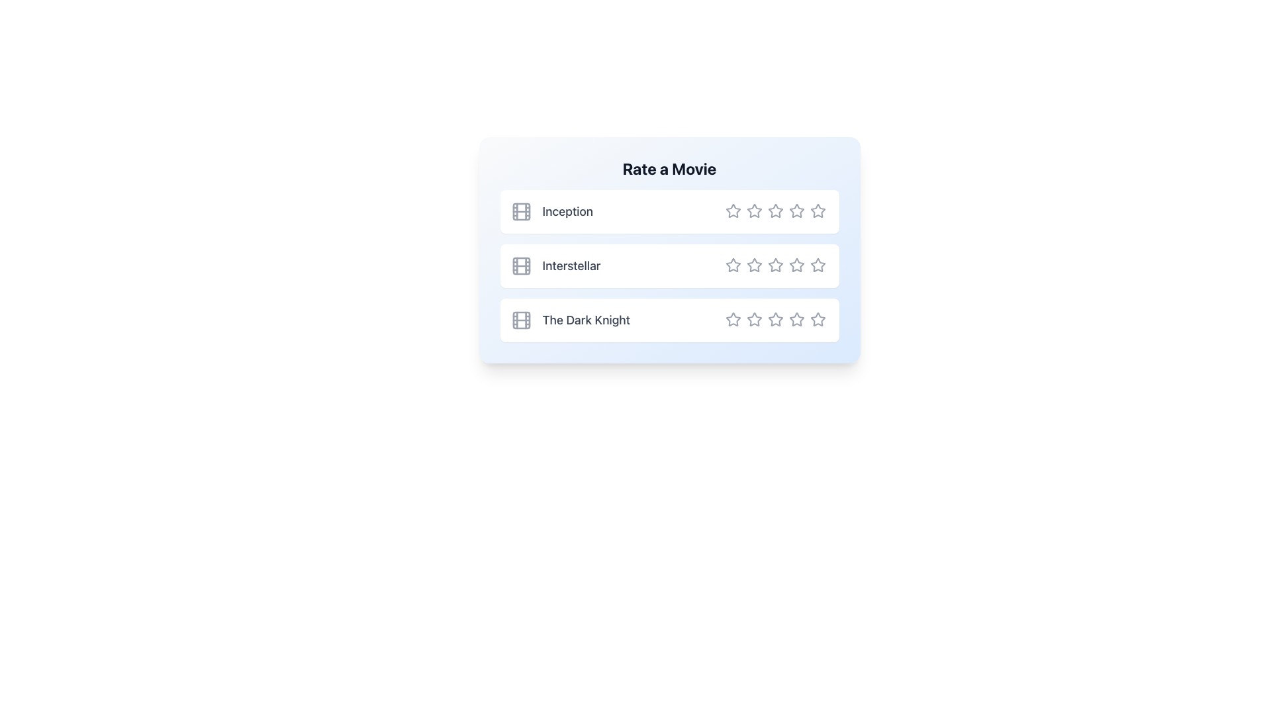  What do you see at coordinates (732, 319) in the screenshot?
I see `the first rating star for 'The Dark Knight'` at bounding box center [732, 319].